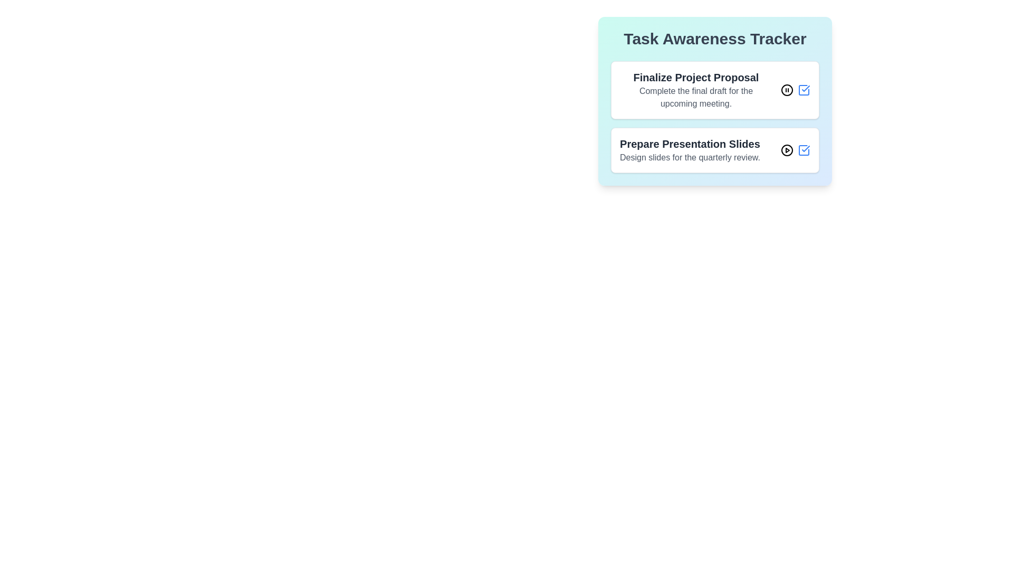 The height and width of the screenshot is (570, 1013). What do you see at coordinates (803, 150) in the screenshot?
I see `'Check' button for the task titled 'Prepare Presentation Slides'` at bounding box center [803, 150].